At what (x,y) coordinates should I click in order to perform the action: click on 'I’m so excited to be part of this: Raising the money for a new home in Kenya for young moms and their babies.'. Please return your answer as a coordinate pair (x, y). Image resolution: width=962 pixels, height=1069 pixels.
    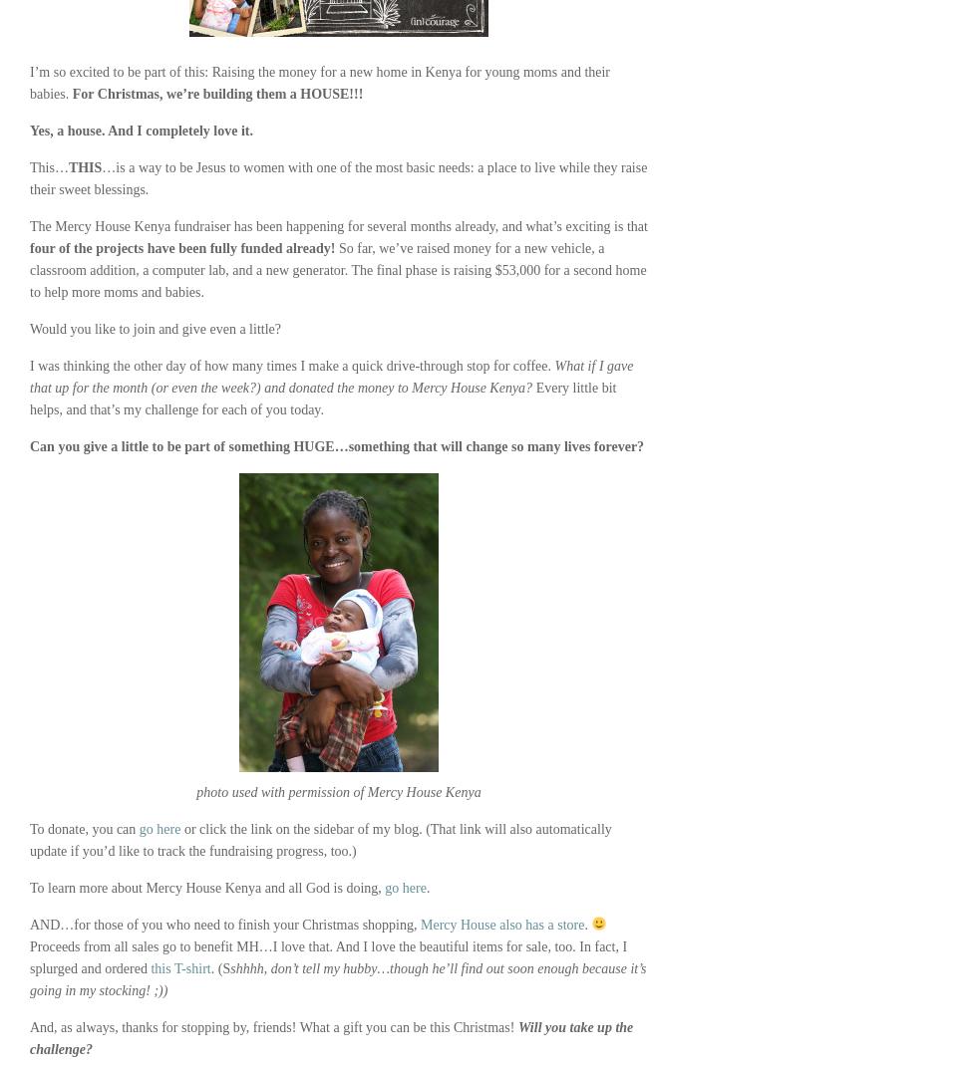
    Looking at the image, I should click on (318, 83).